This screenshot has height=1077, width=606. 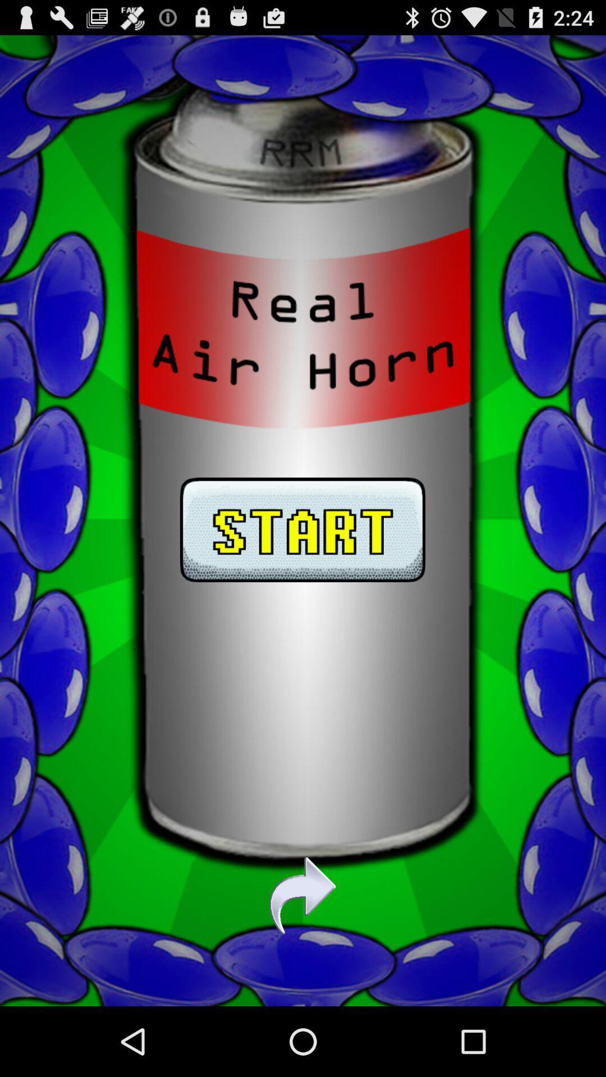 What do you see at coordinates (302, 520) in the screenshot?
I see `start air horn` at bounding box center [302, 520].